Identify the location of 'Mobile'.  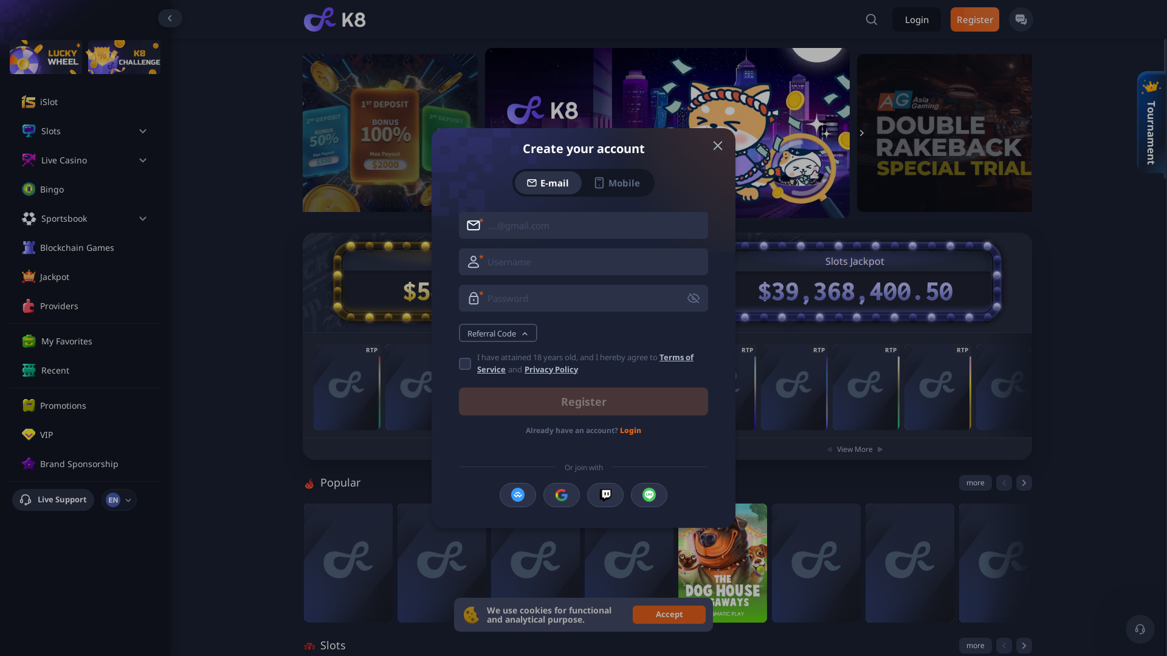
(616, 182).